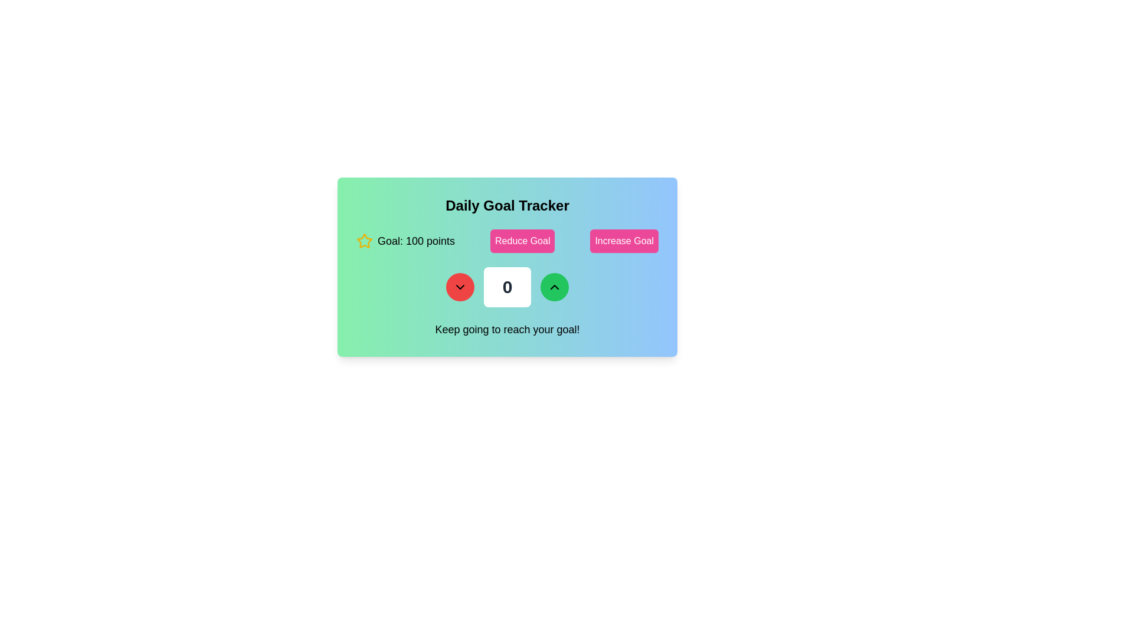  Describe the element at coordinates (507, 287) in the screenshot. I see `the Display label that shows a numeric value, positioned between the red downward-arrow button and the green upward-arrow button` at that location.